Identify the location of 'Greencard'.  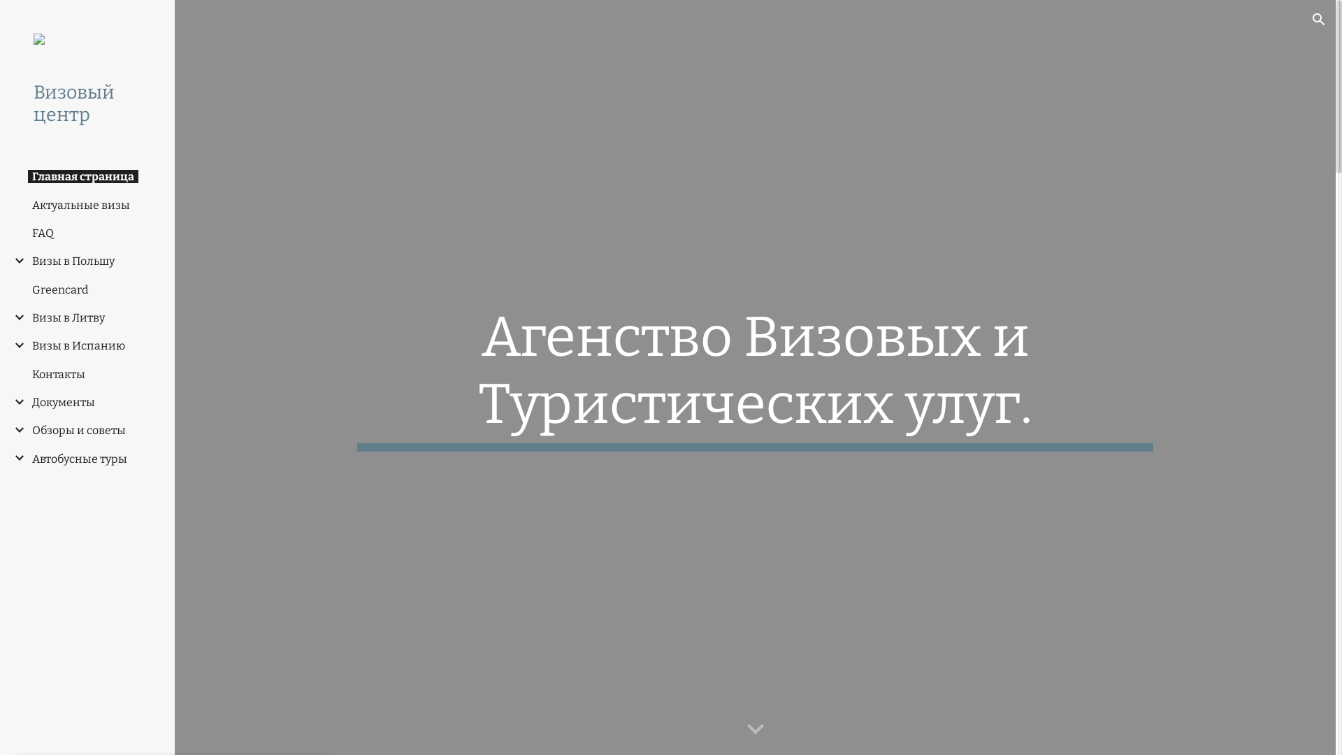
(59, 289).